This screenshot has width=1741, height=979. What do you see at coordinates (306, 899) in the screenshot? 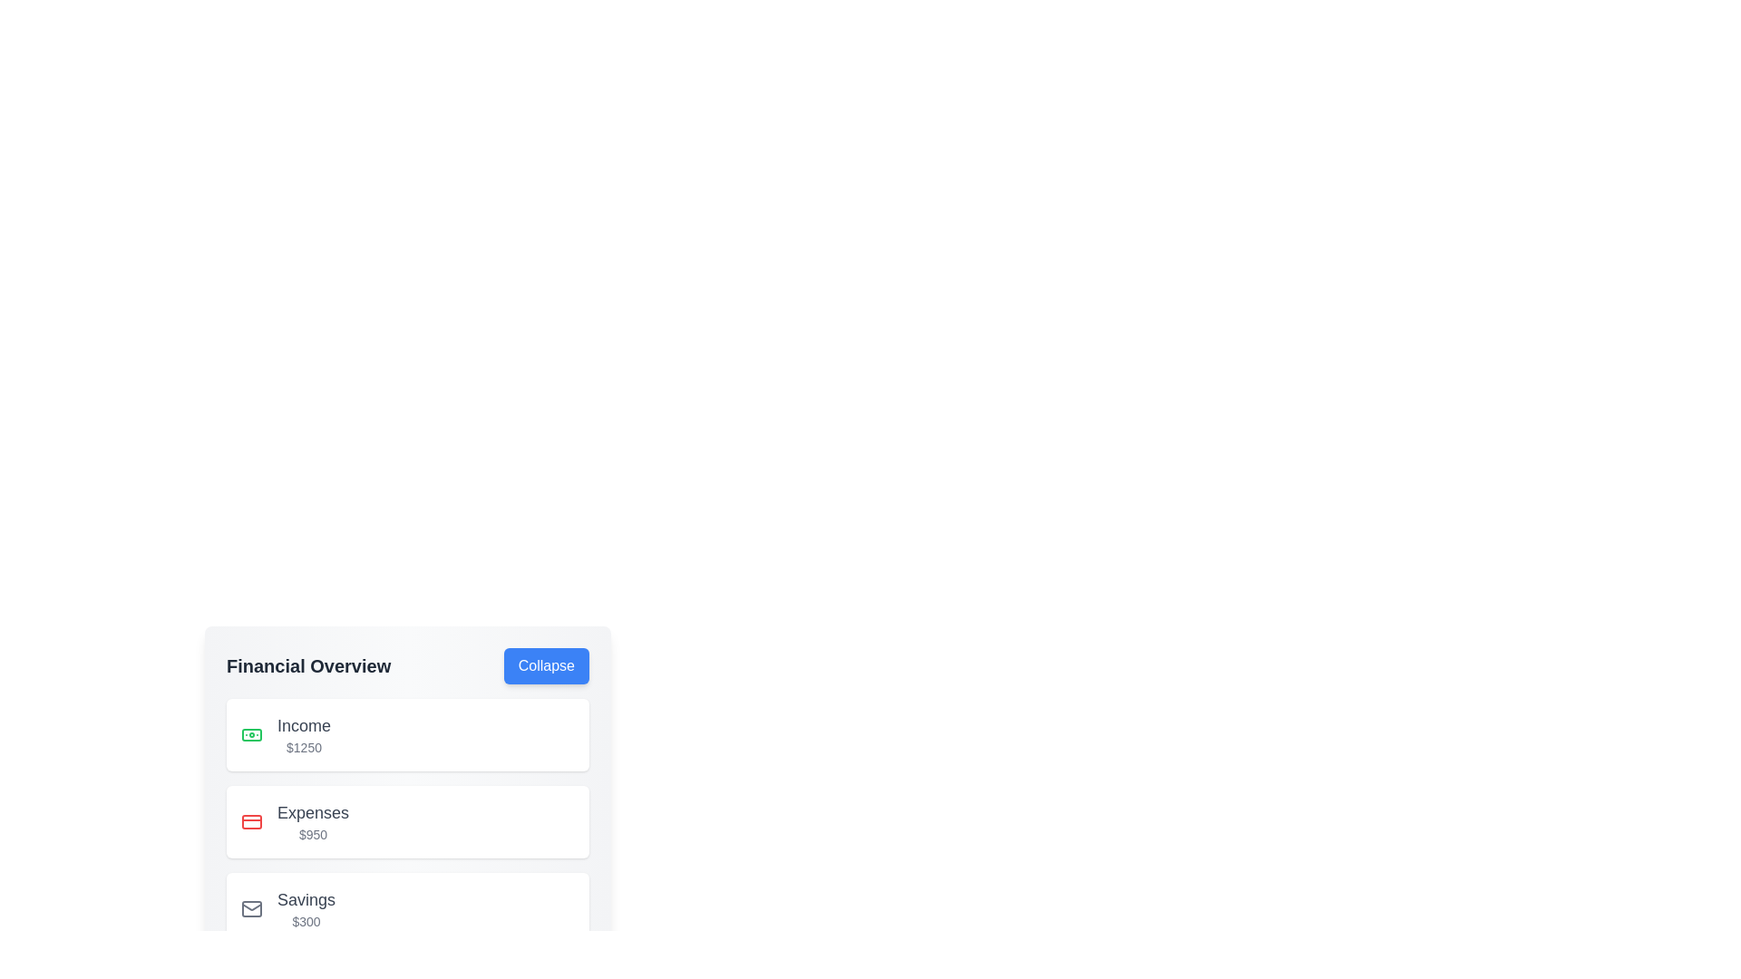
I see `the 'Savings' text label` at bounding box center [306, 899].